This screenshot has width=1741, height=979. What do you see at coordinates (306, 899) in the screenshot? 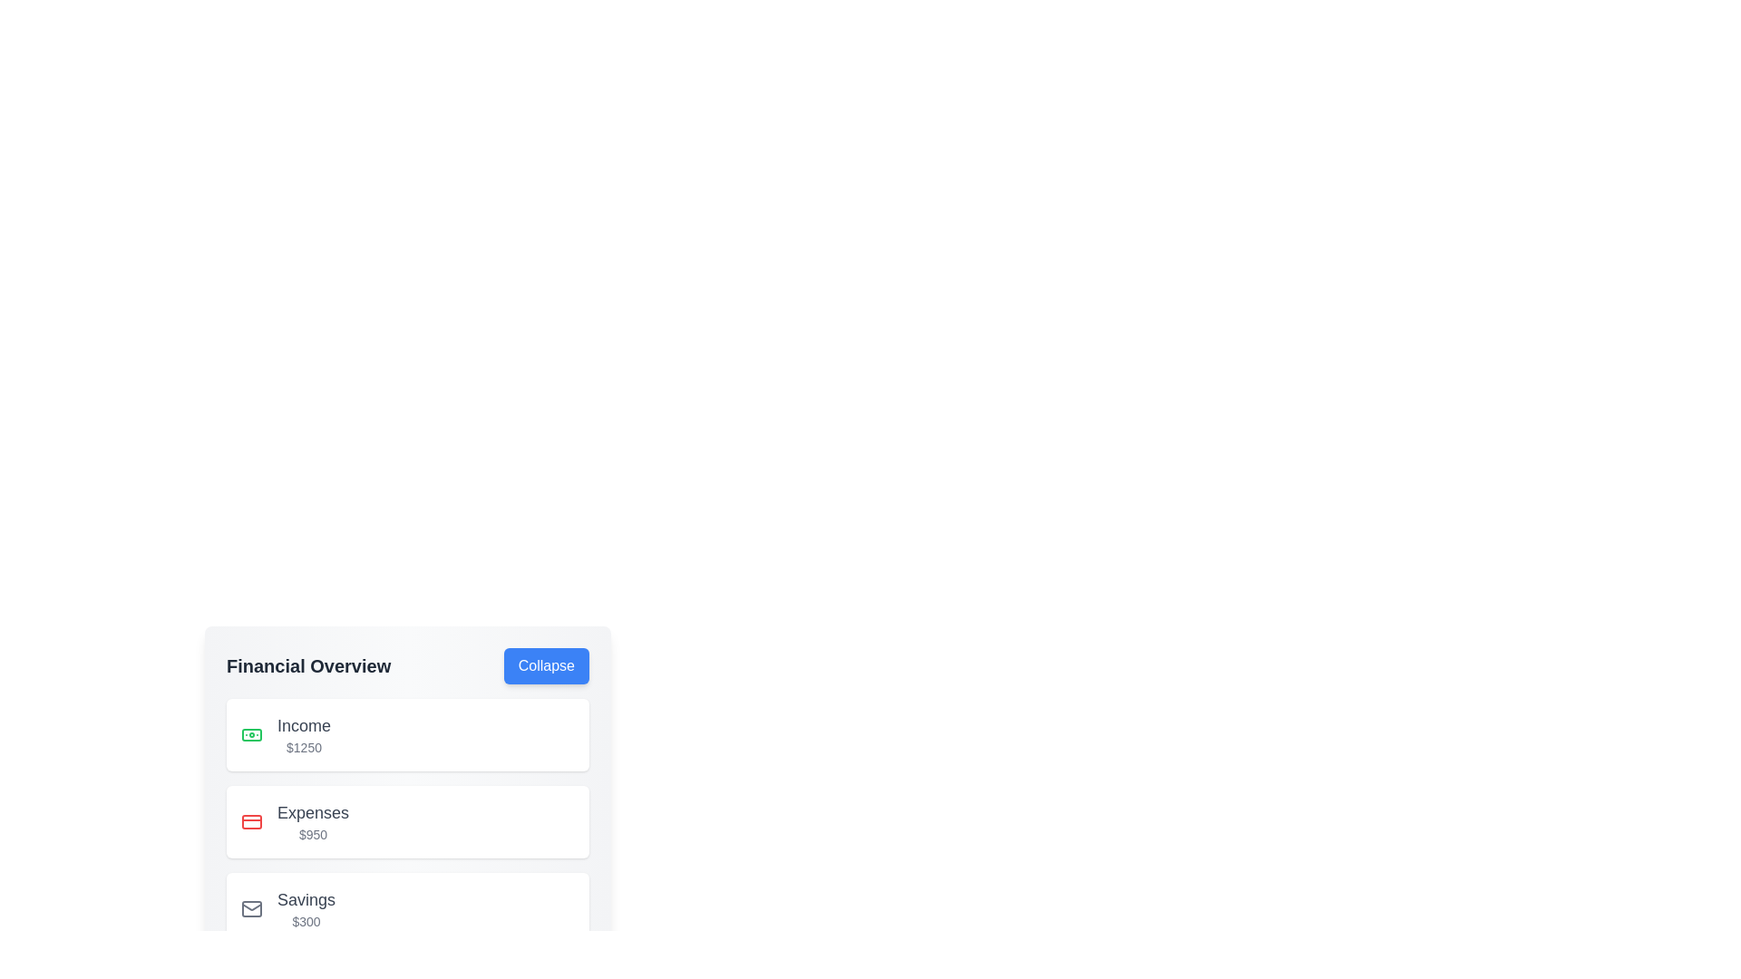
I see `the 'Savings' text label` at bounding box center [306, 899].